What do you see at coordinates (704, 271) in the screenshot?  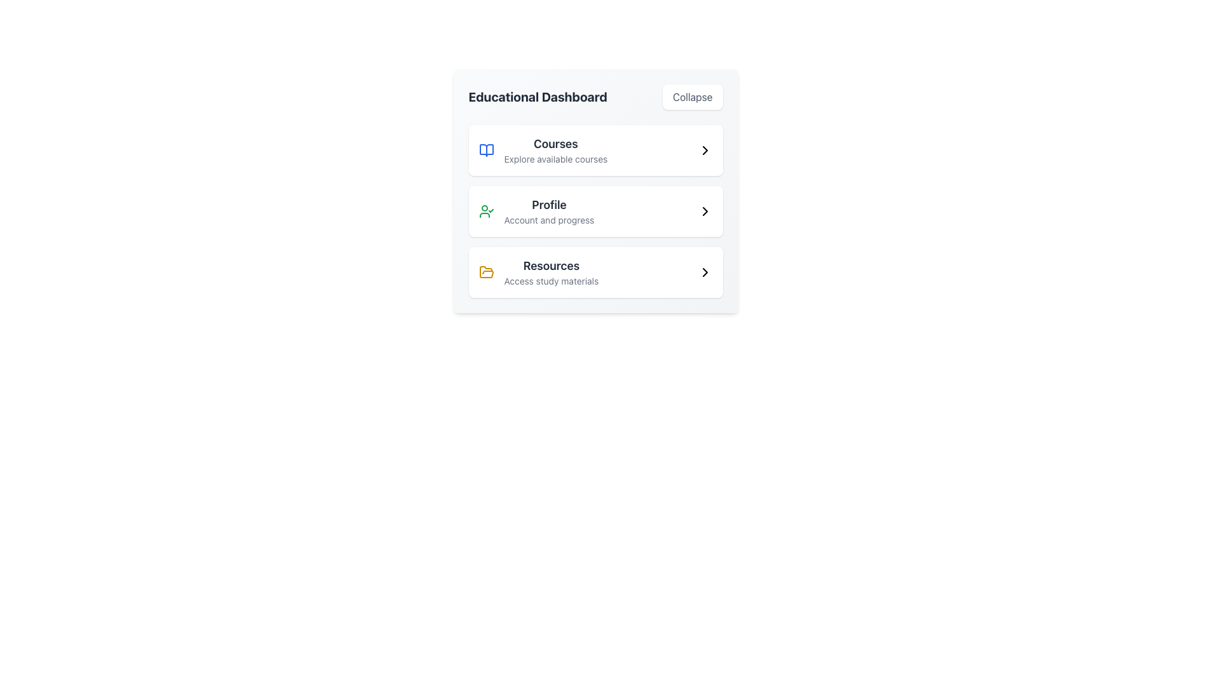 I see `the small right-pointing chevron arrow located at the far right edge of the last item ('Resources') in a vertical list inside a rectangular card` at bounding box center [704, 271].